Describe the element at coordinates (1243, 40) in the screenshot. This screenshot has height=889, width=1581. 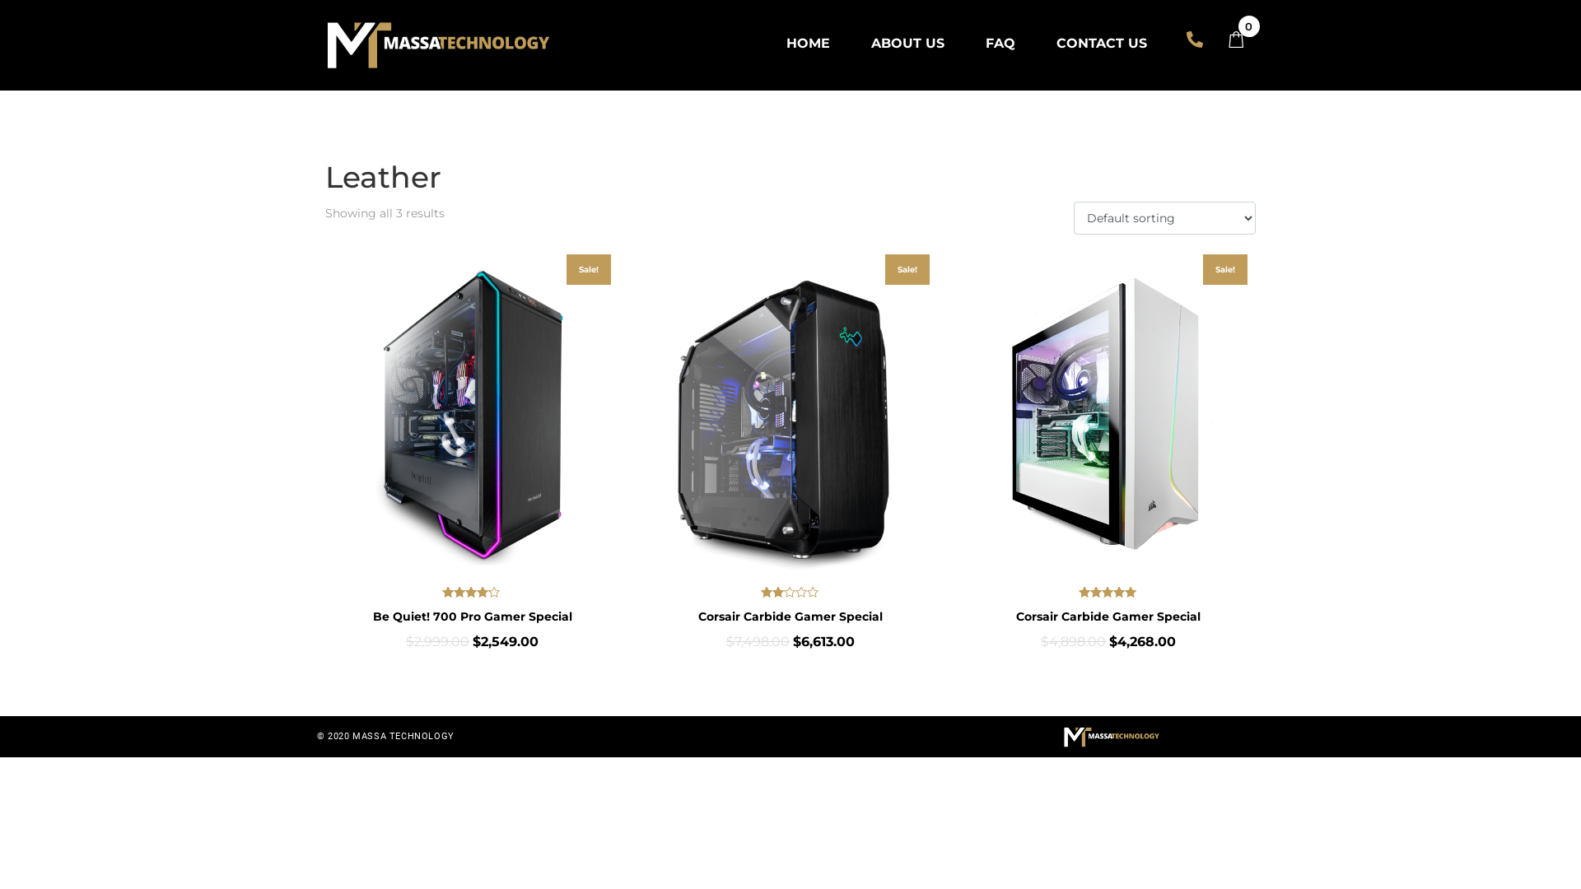
I see `'0'` at that location.